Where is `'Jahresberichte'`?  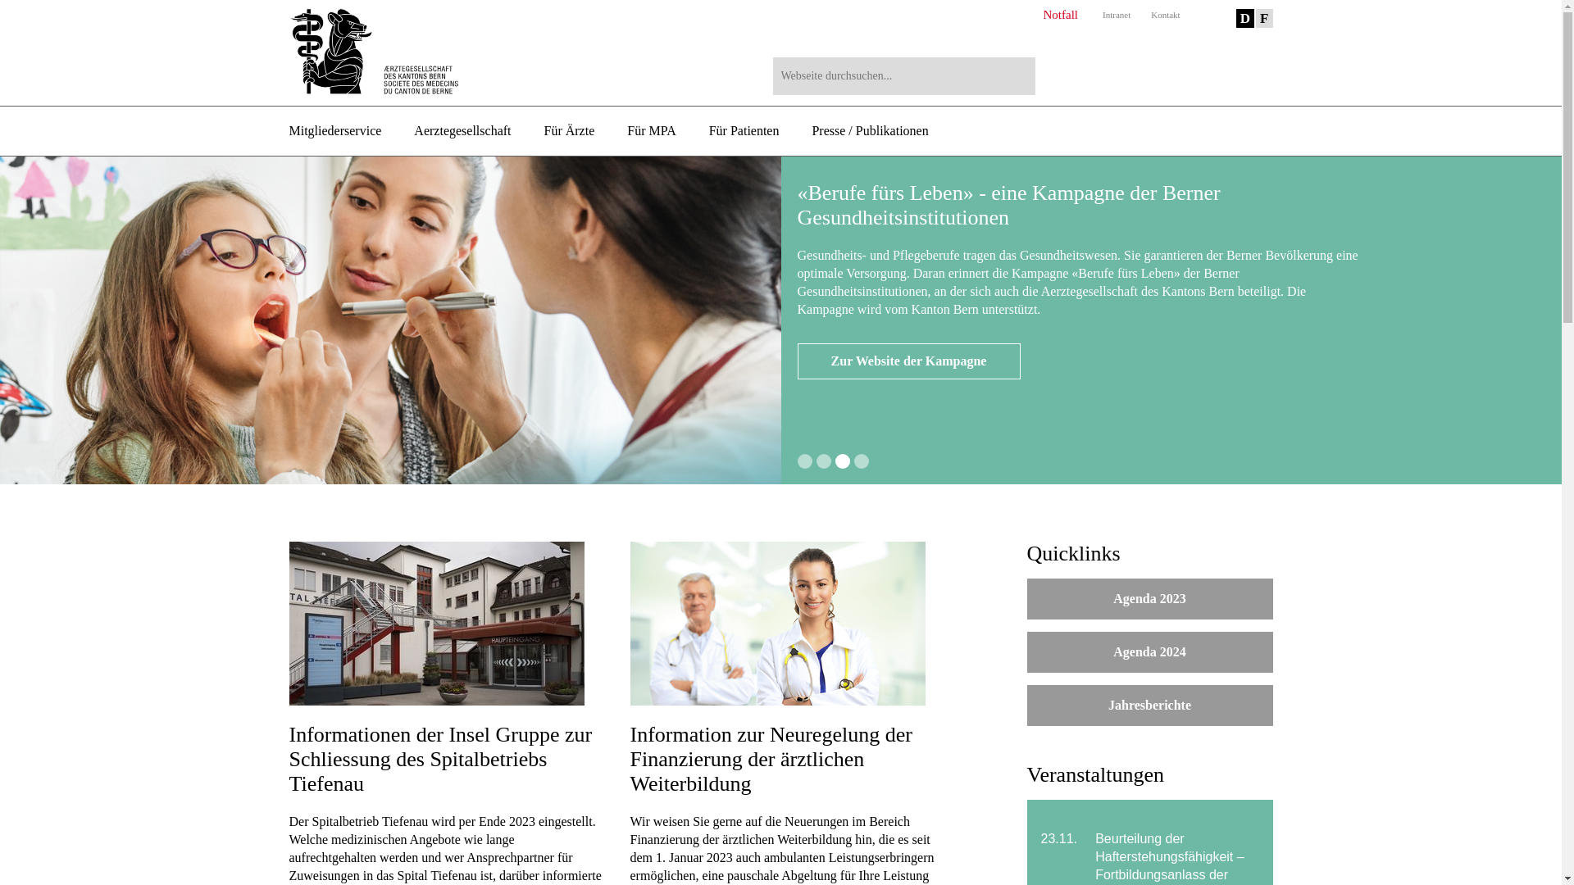
'Jahresberichte' is located at coordinates (1148, 704).